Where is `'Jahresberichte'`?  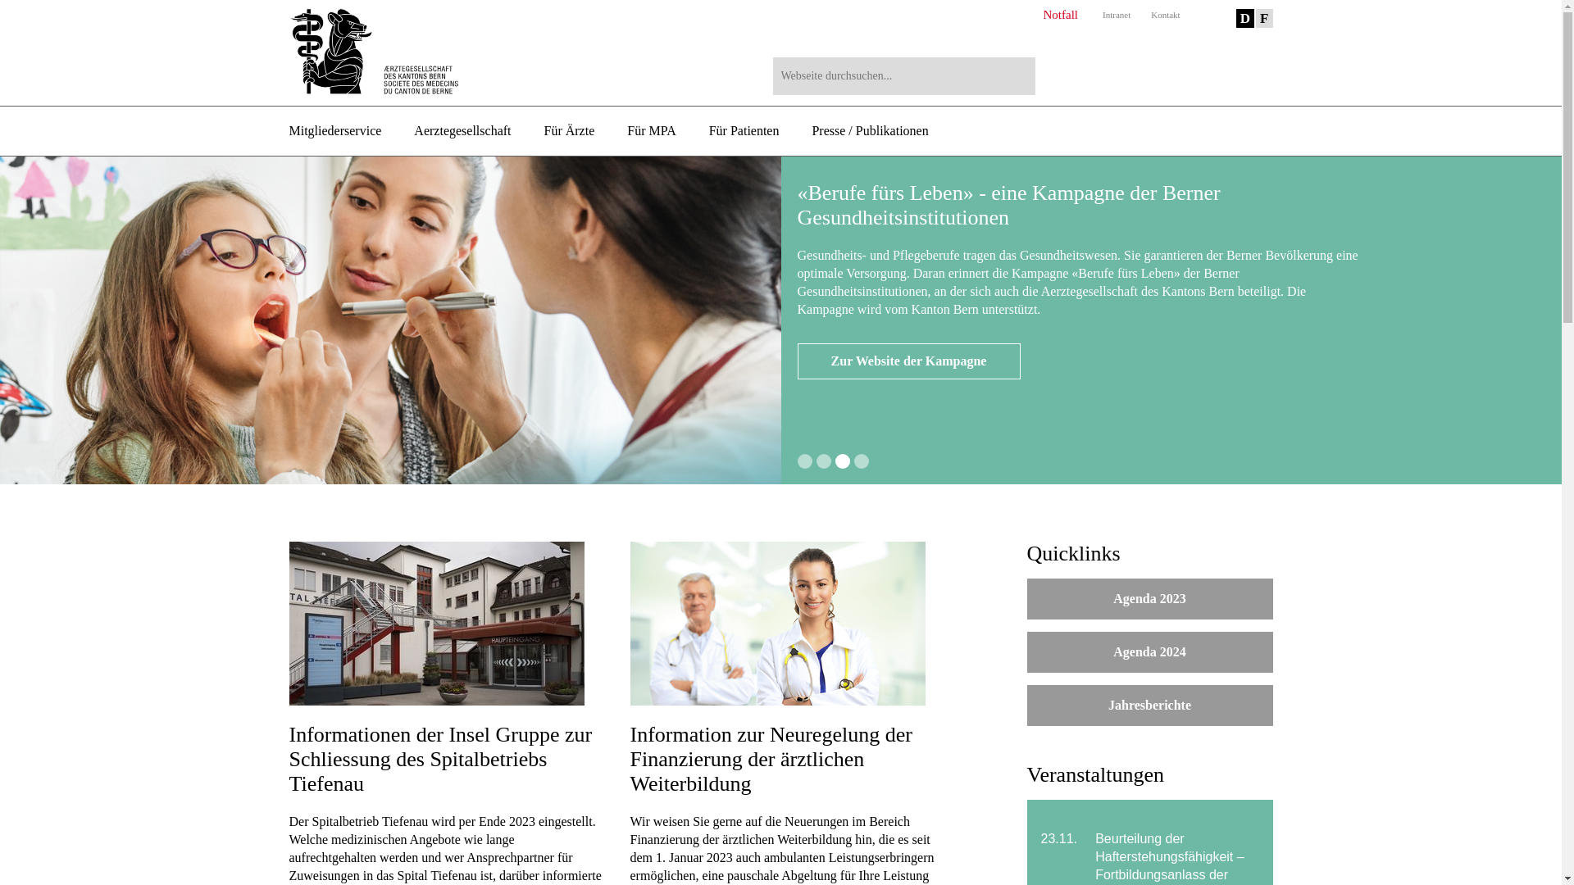
'Jahresberichte' is located at coordinates (1148, 704).